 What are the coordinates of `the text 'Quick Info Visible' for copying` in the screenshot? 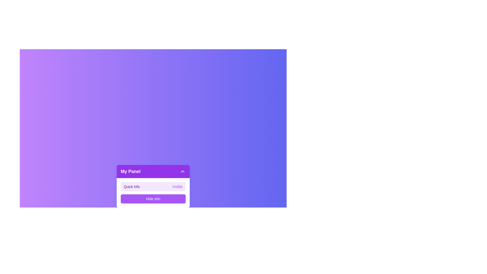 It's located at (120, 182).